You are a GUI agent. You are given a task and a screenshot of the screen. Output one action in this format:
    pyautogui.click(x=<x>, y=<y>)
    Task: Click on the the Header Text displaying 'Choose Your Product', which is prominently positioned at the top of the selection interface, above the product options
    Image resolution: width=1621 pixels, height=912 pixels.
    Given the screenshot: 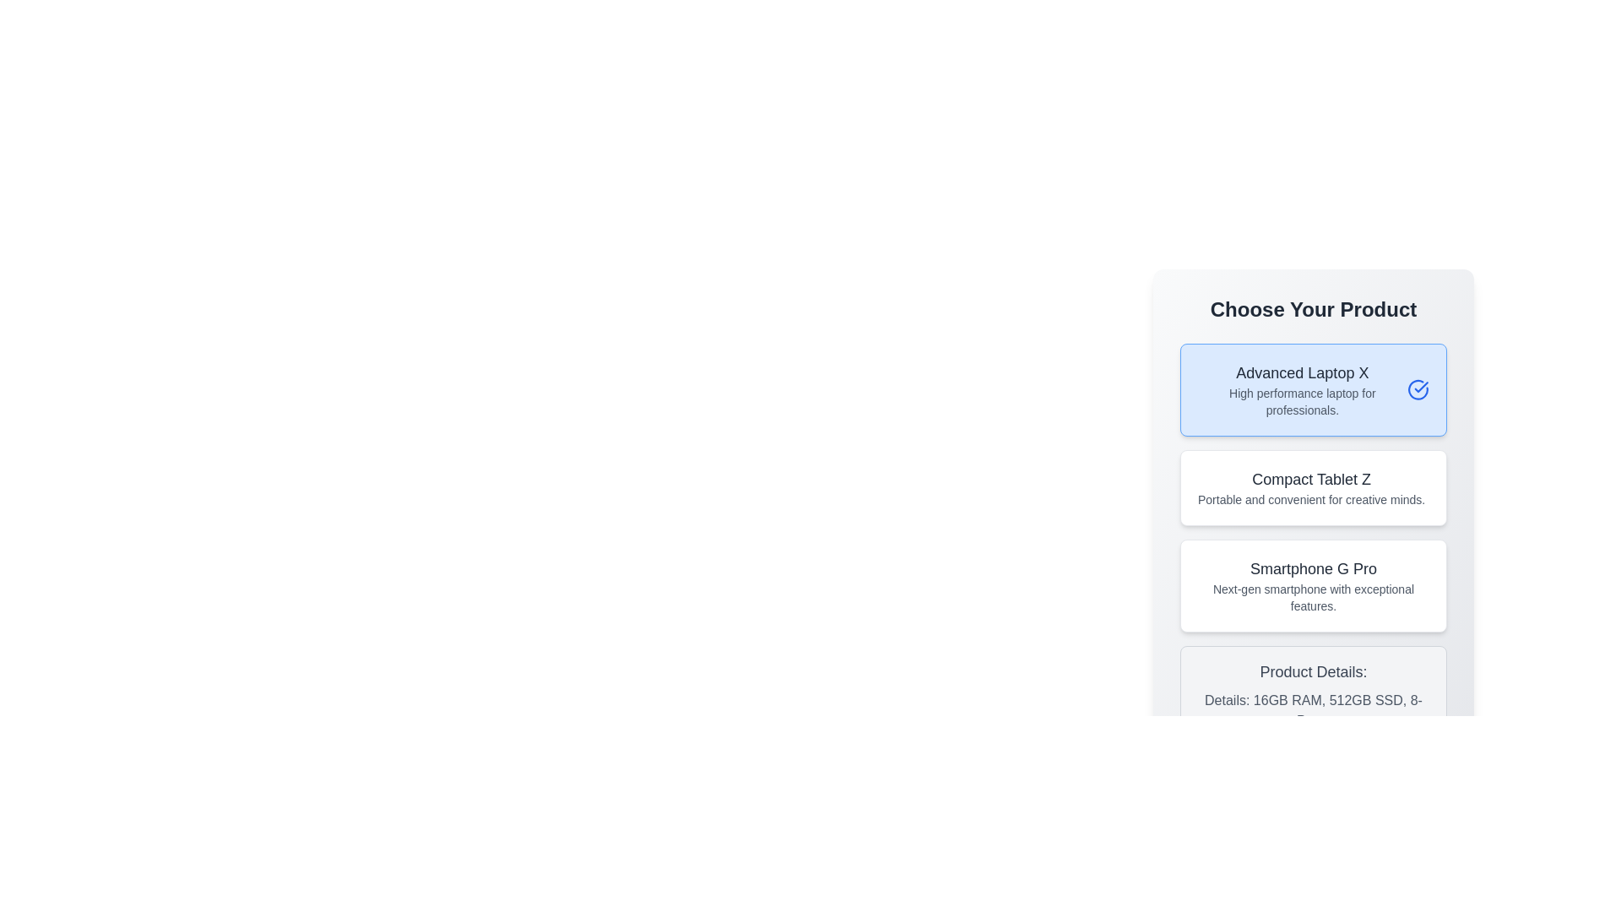 What is the action you would take?
    pyautogui.click(x=1312, y=309)
    